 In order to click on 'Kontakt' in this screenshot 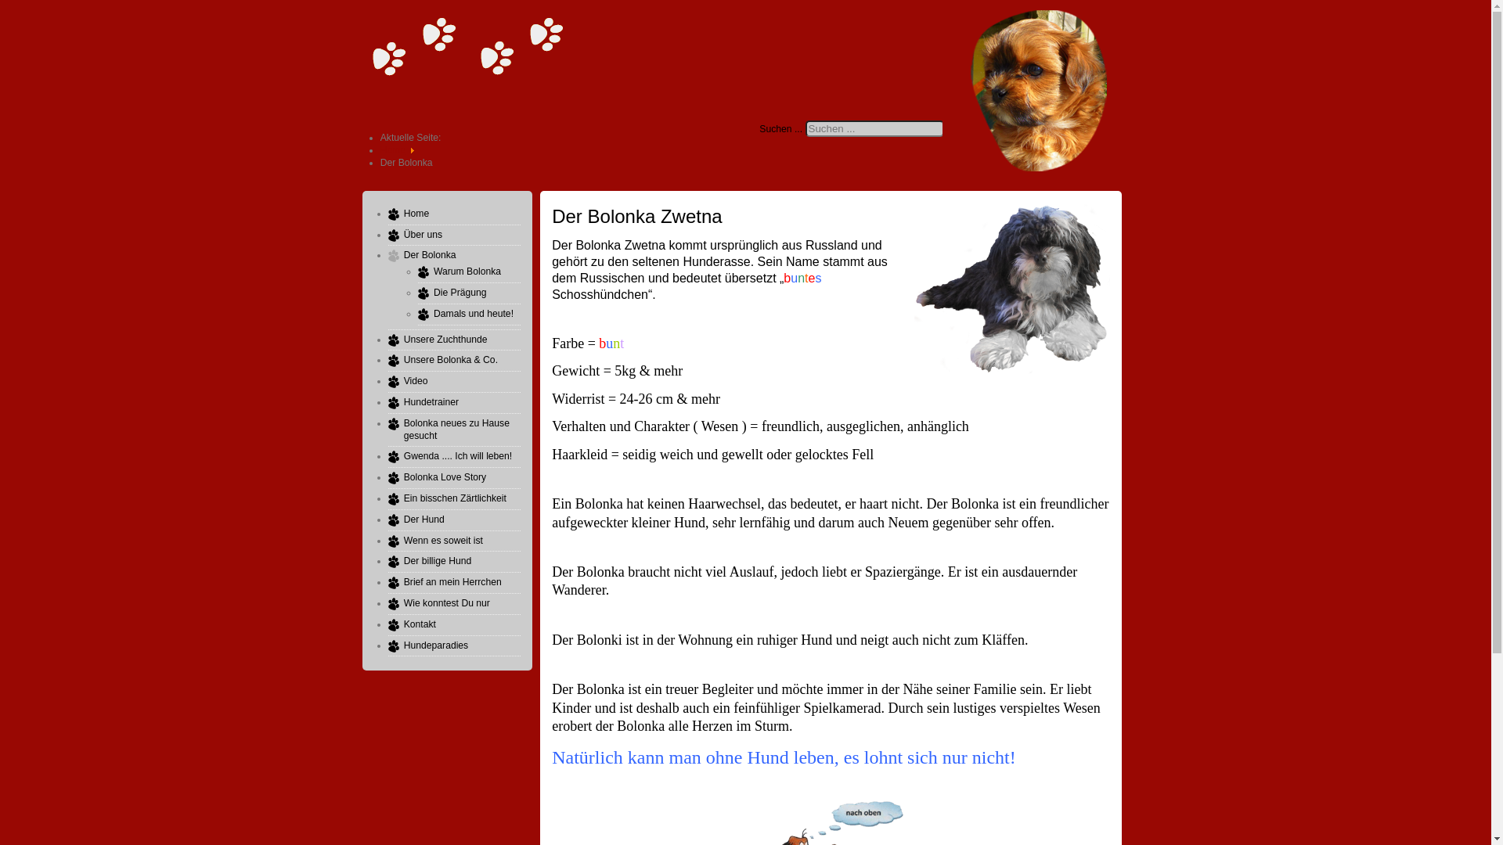, I will do `click(420, 624)`.